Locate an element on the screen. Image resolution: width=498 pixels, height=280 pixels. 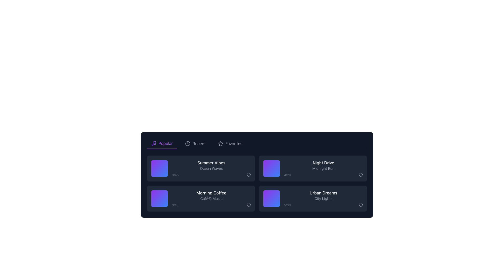
the heart icon located in the bottom-right corner of the second item in the left column of a grid layout is located at coordinates (248, 205).